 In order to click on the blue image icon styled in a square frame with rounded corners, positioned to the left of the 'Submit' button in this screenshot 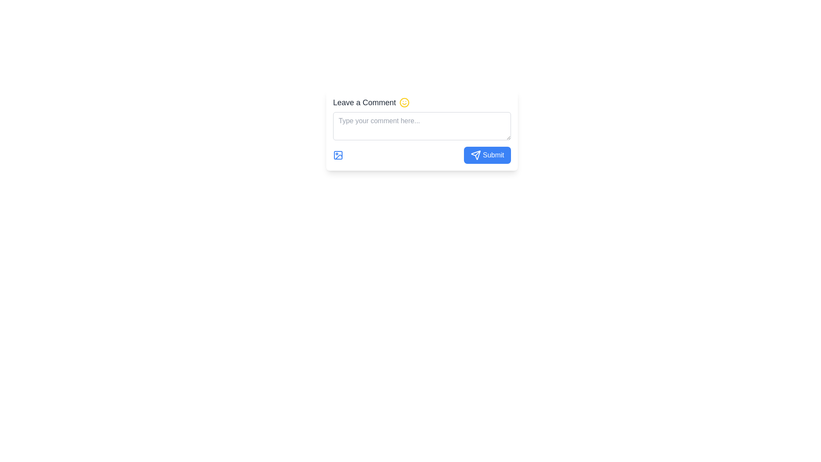, I will do `click(338, 155)`.